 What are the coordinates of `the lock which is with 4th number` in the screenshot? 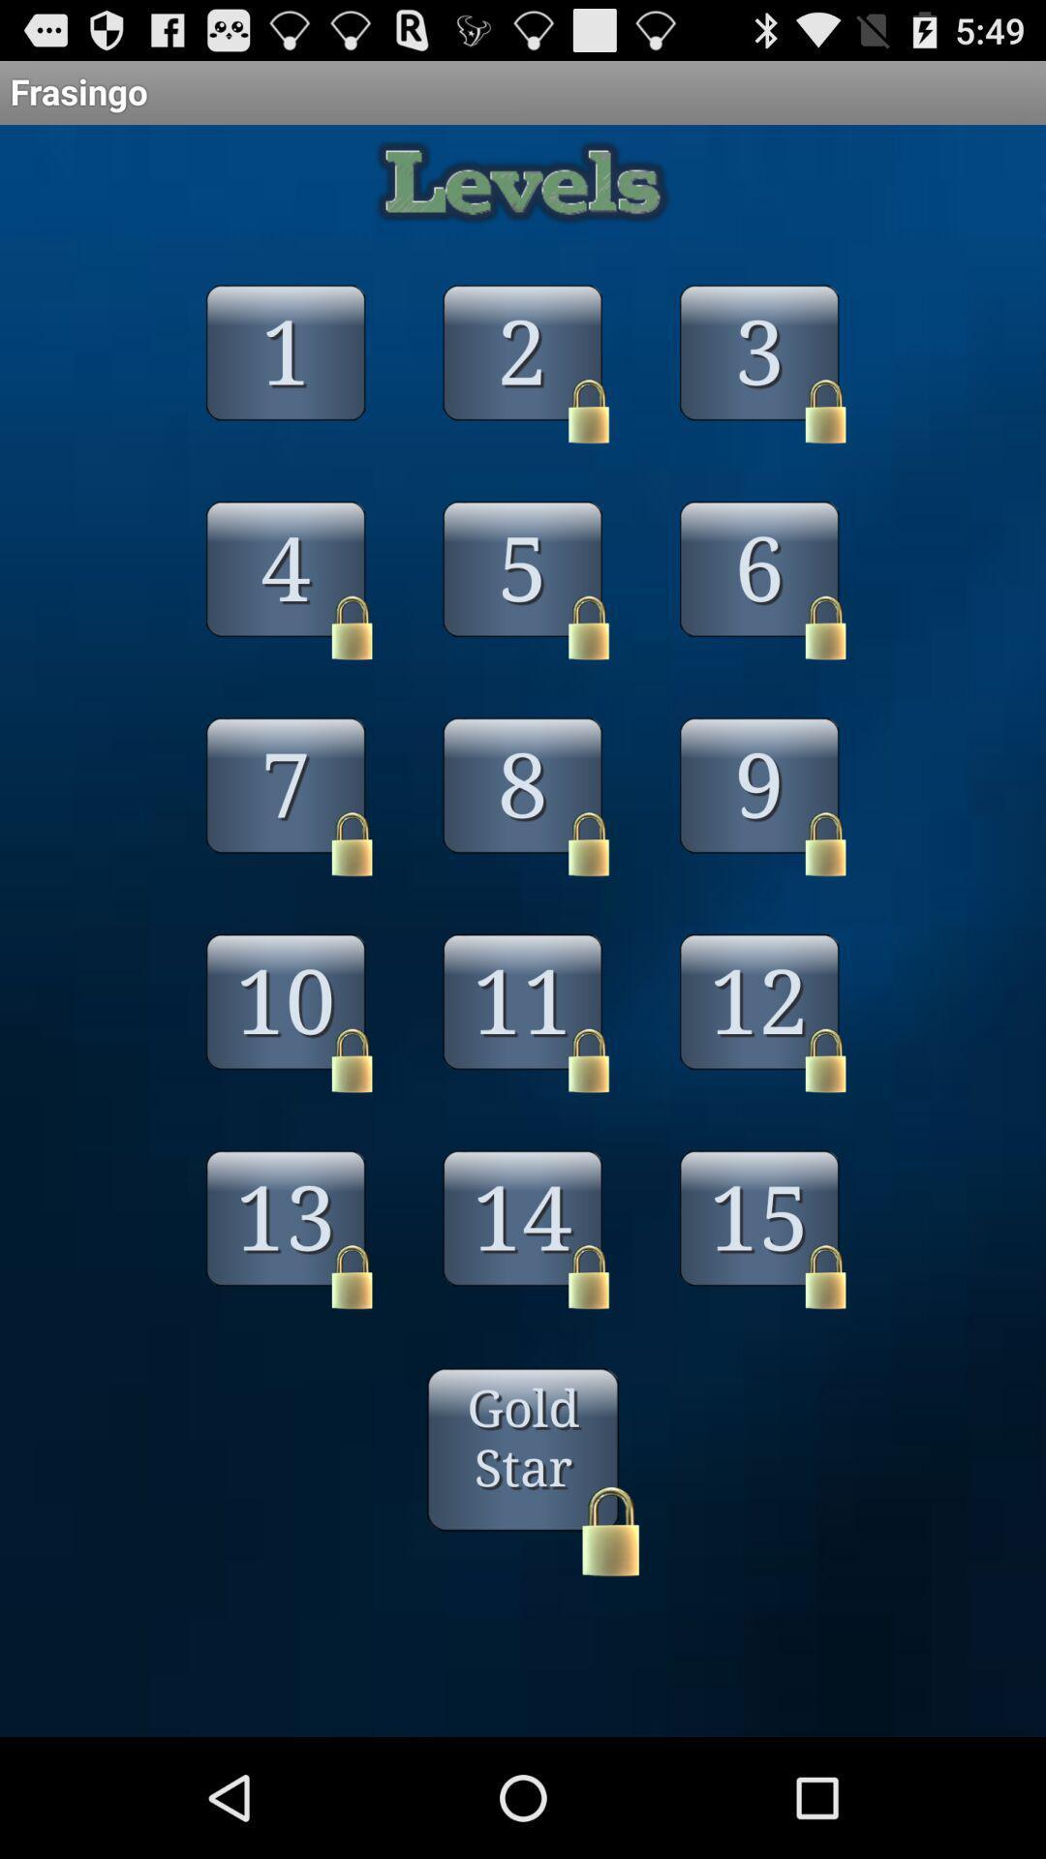 It's located at (352, 627).